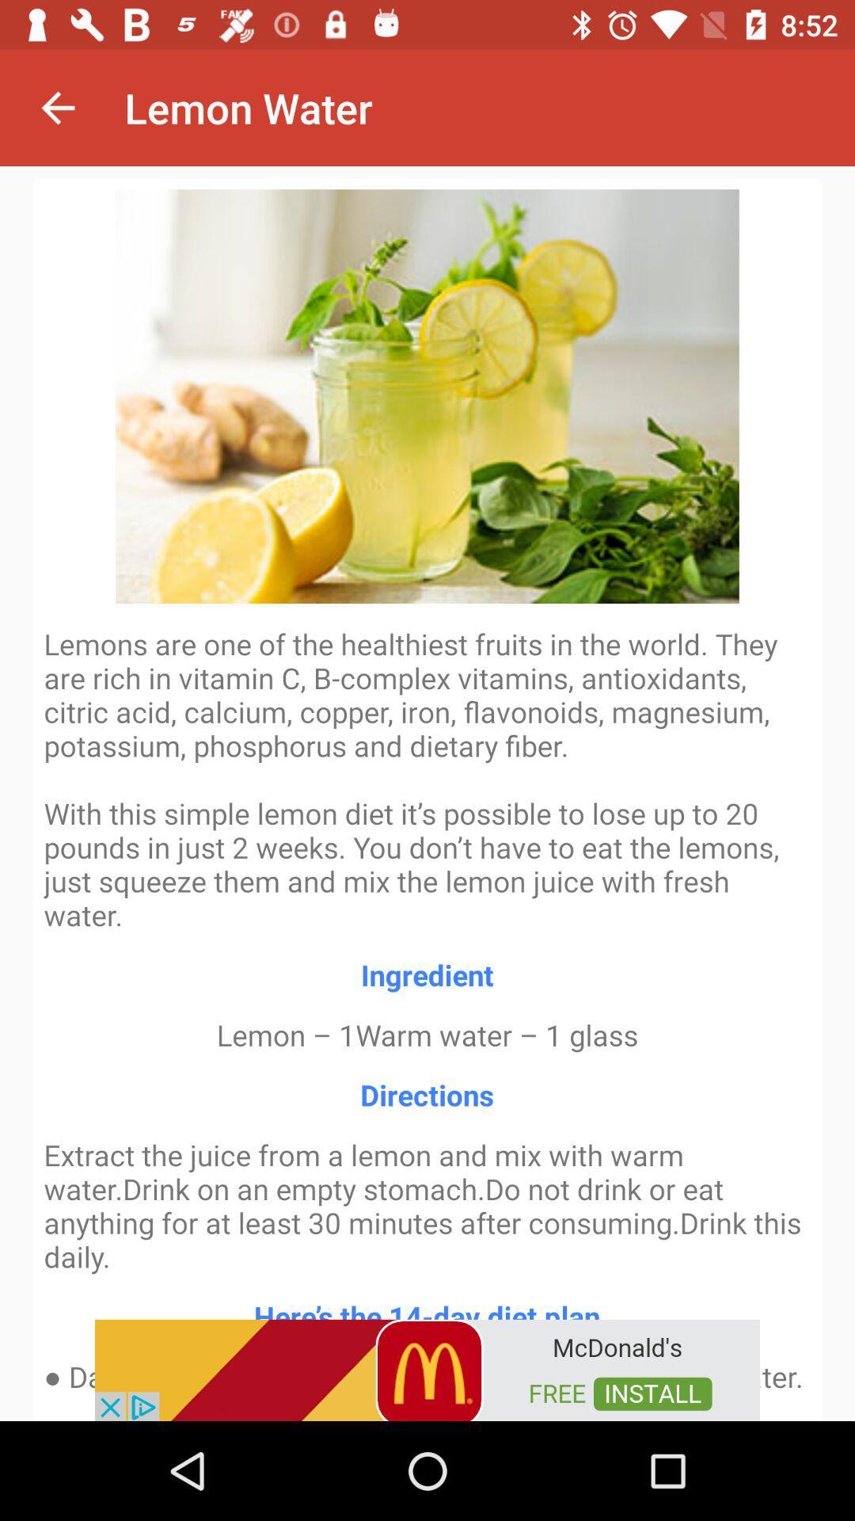  I want to click on the item below extract the juice item, so click(427, 1368).